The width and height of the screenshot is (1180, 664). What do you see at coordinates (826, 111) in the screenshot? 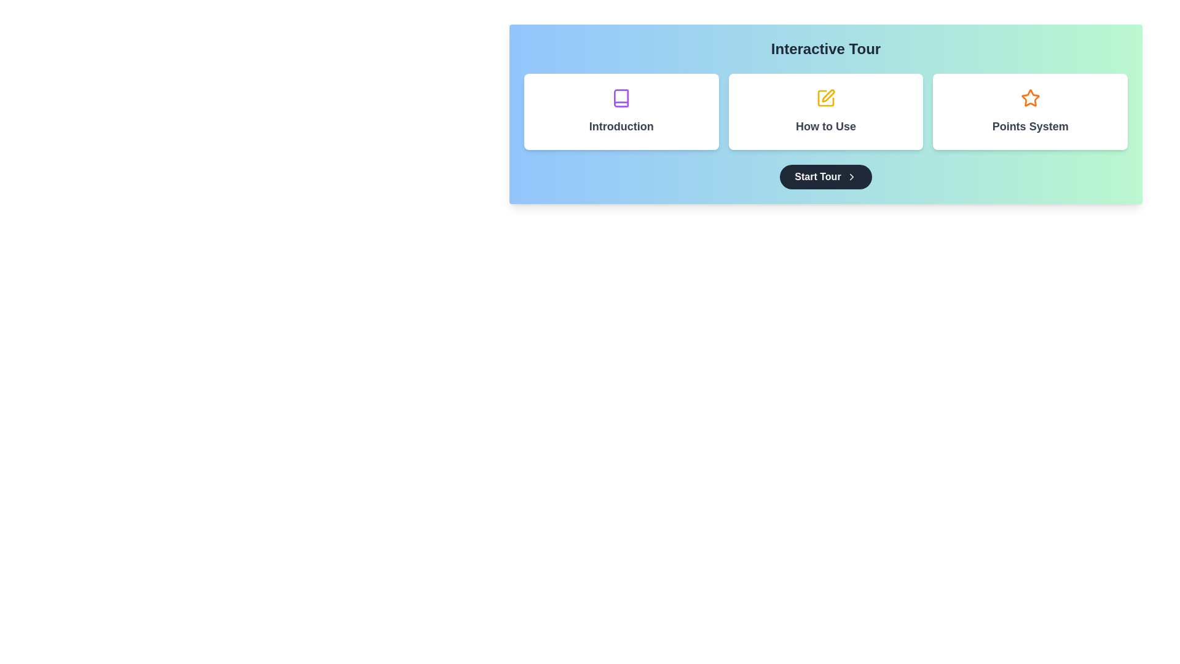
I see `the informative card with a yellow writing tool icon and 'How to Use' text in bold dark gray color` at bounding box center [826, 111].